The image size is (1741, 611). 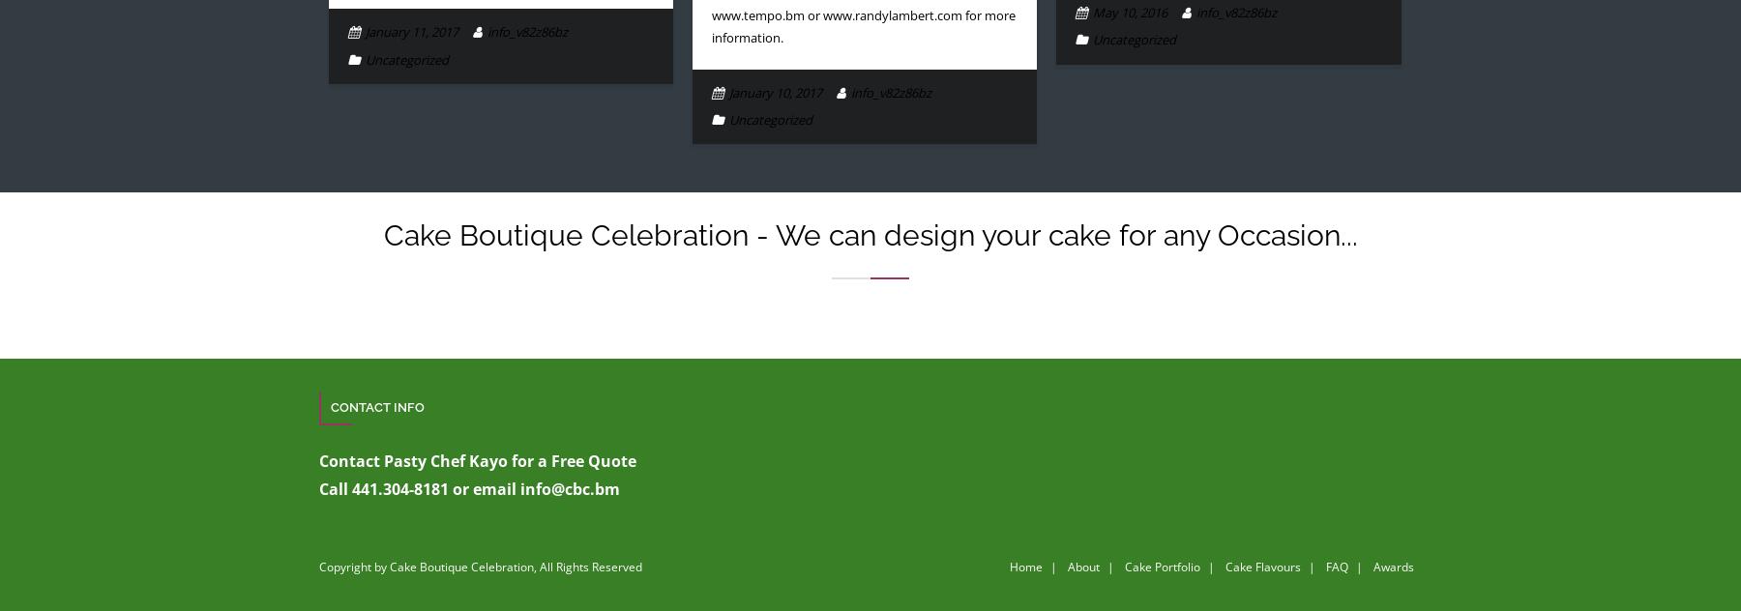 What do you see at coordinates (1092, 13) in the screenshot?
I see `'May 10, 2016'` at bounding box center [1092, 13].